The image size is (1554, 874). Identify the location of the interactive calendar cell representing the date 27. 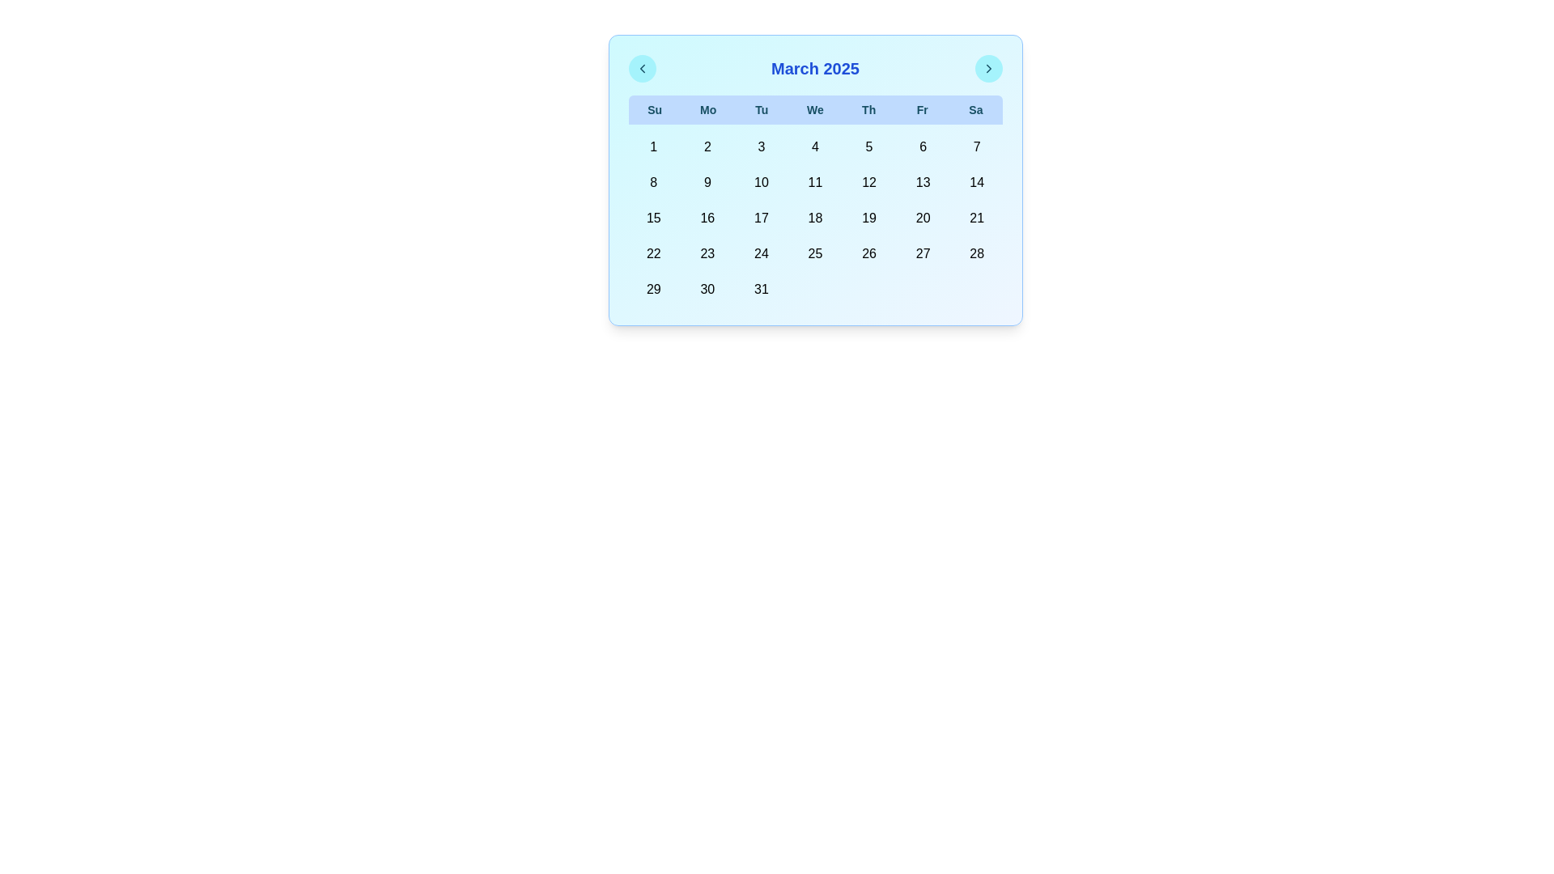
(923, 253).